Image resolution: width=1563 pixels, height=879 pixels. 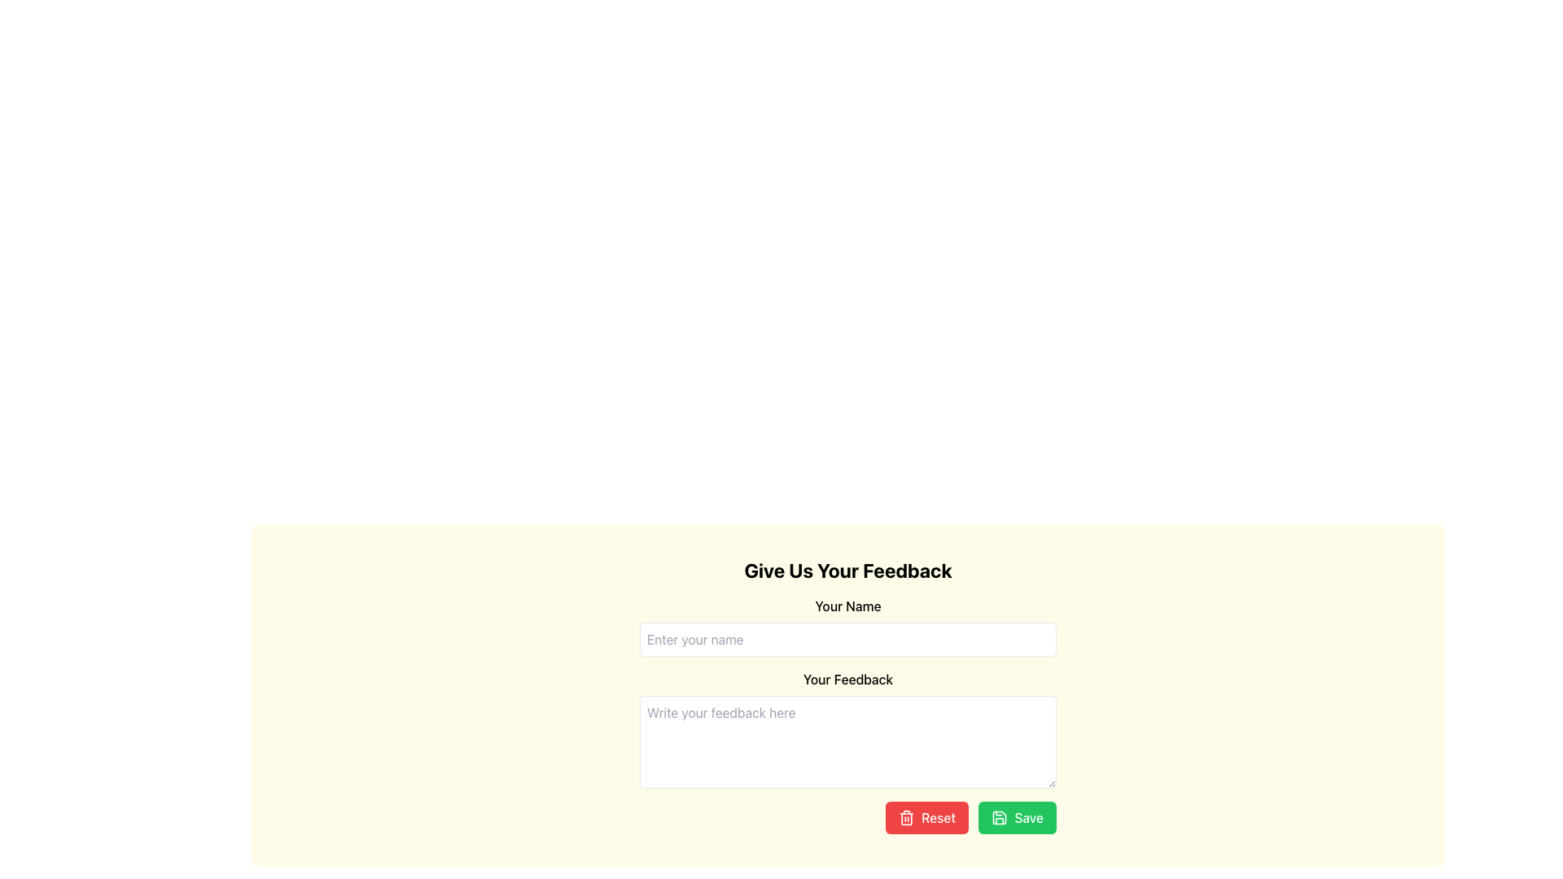 I want to click on the red 'Reset' button, so click(x=939, y=818).